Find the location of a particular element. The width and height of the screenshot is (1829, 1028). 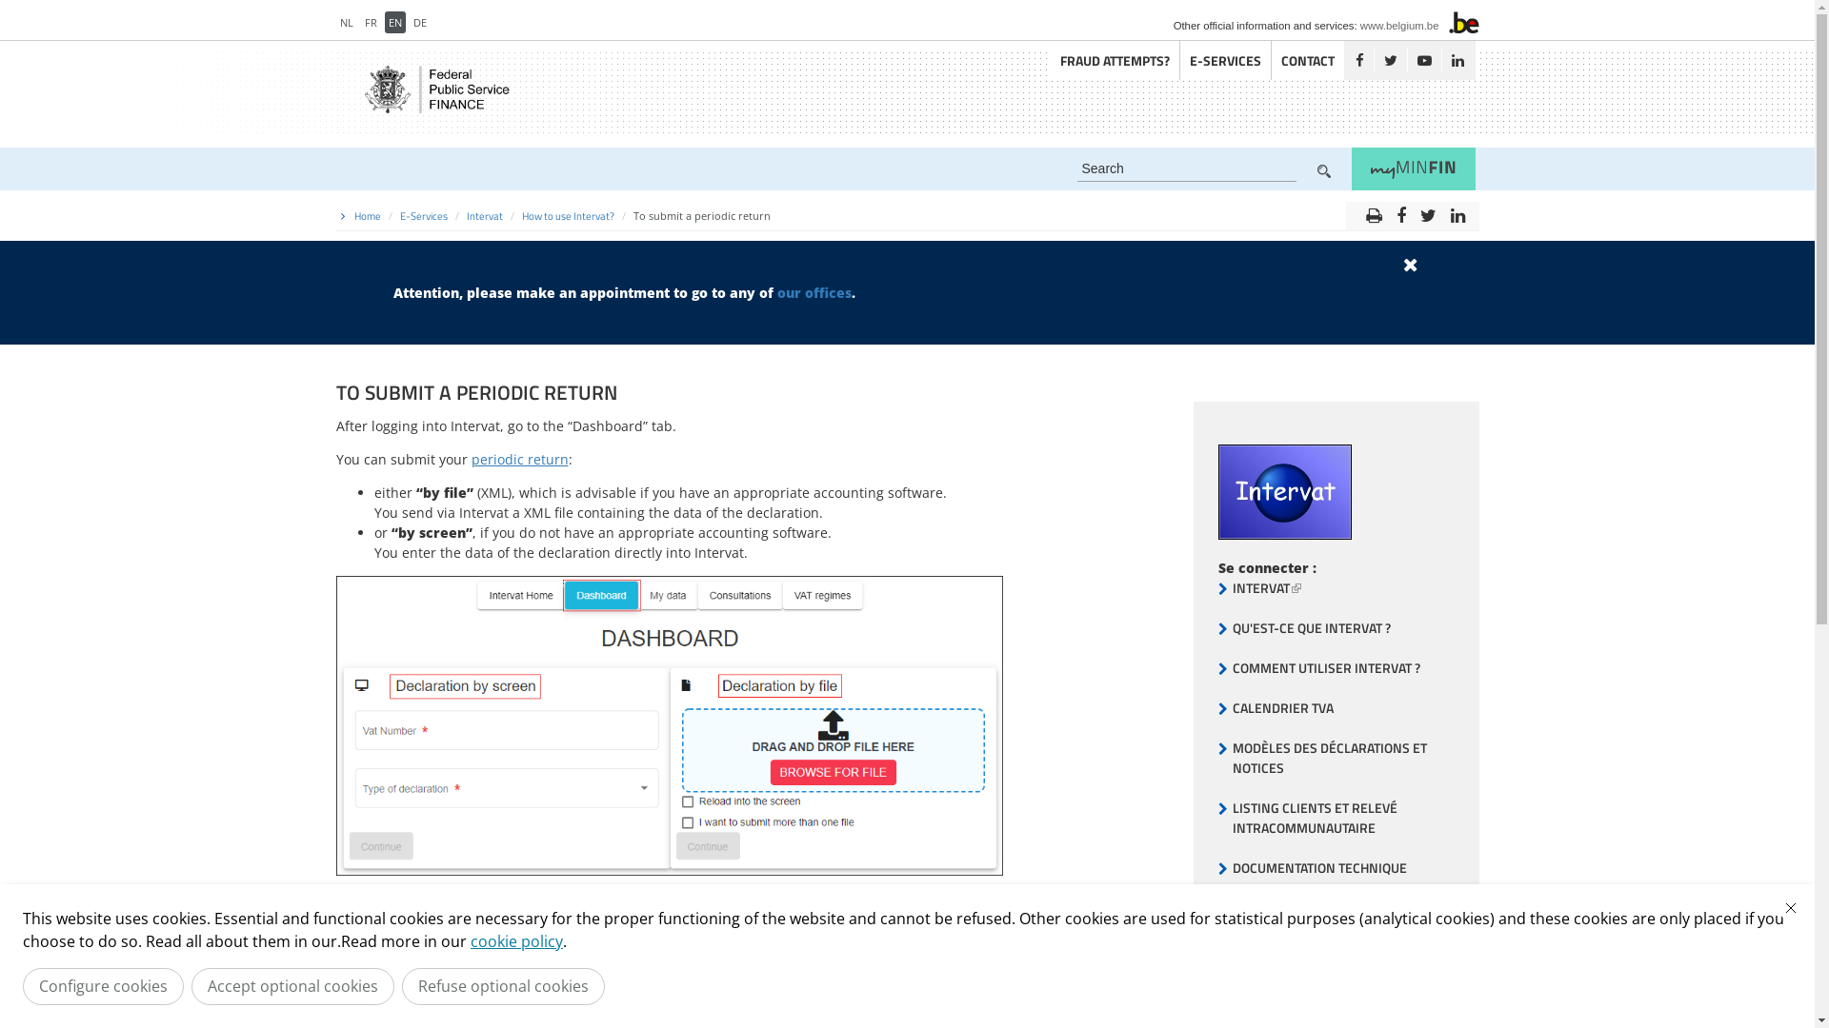

'ENVIRONNEMENT DE TEST is located at coordinates (1316, 986).